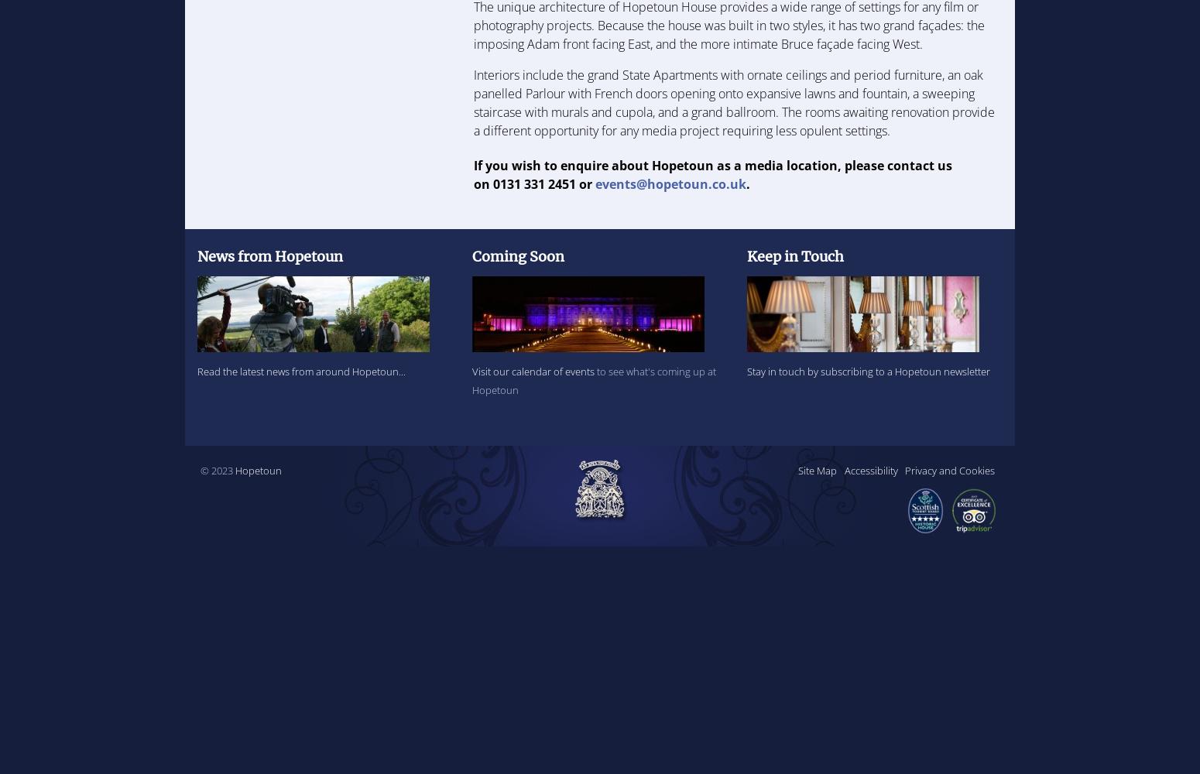  What do you see at coordinates (473, 102) in the screenshot?
I see `'Interiors include the grand State Apartments with ornate ceilings and period furniture, an oak panelled Parlour with French doors opening onto expansive lawns and fountain, a sweeping staircase with murals and cupola, and a grand ballroom. The rooms awaiting renovation provide a different opportunity for any media project requiring less opulent settings.'` at bounding box center [473, 102].